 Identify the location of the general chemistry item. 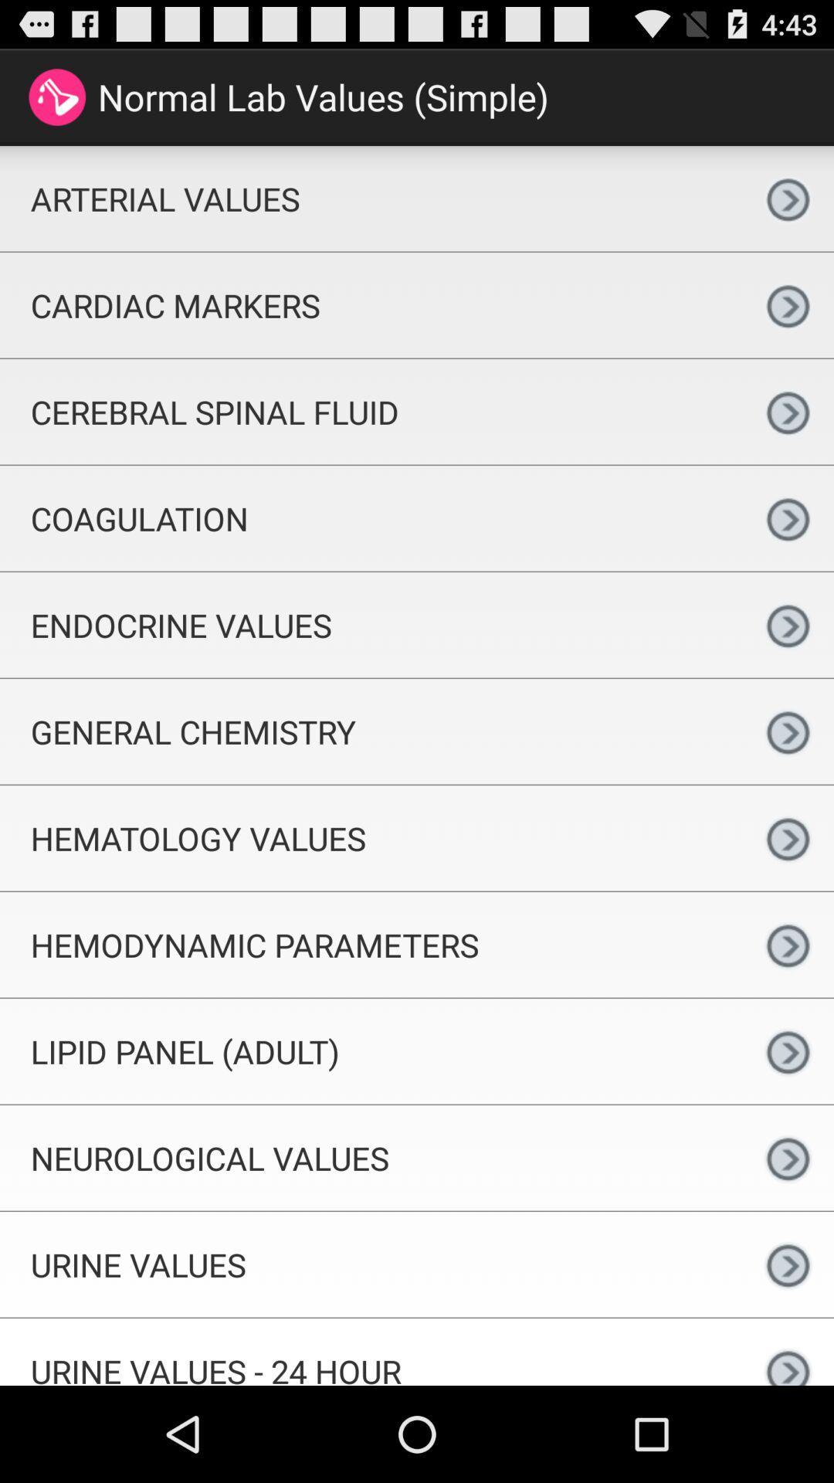
(371, 731).